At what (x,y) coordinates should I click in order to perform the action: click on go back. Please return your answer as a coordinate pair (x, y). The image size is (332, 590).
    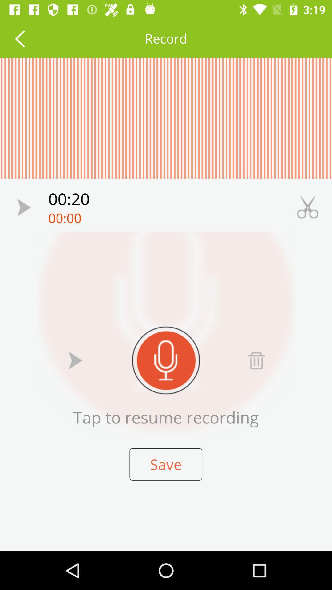
    Looking at the image, I should click on (19, 38).